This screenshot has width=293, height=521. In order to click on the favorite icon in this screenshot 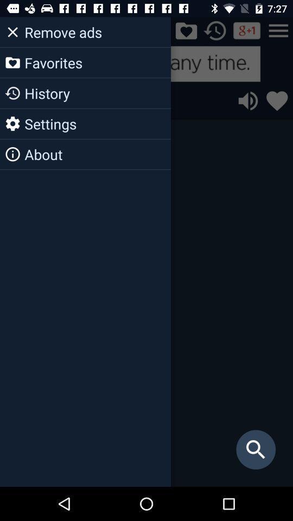, I will do `click(277, 100)`.